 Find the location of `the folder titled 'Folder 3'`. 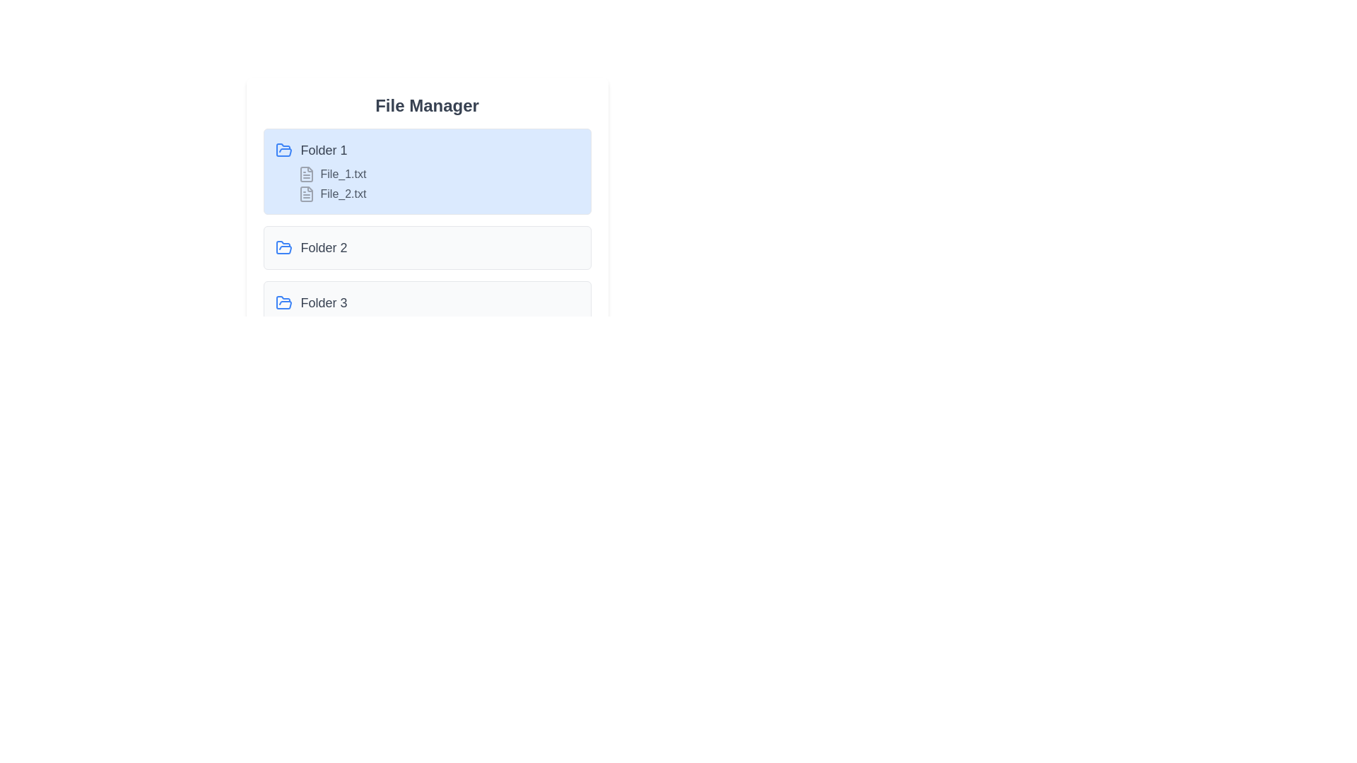

the folder titled 'Folder 3' is located at coordinates (426, 302).